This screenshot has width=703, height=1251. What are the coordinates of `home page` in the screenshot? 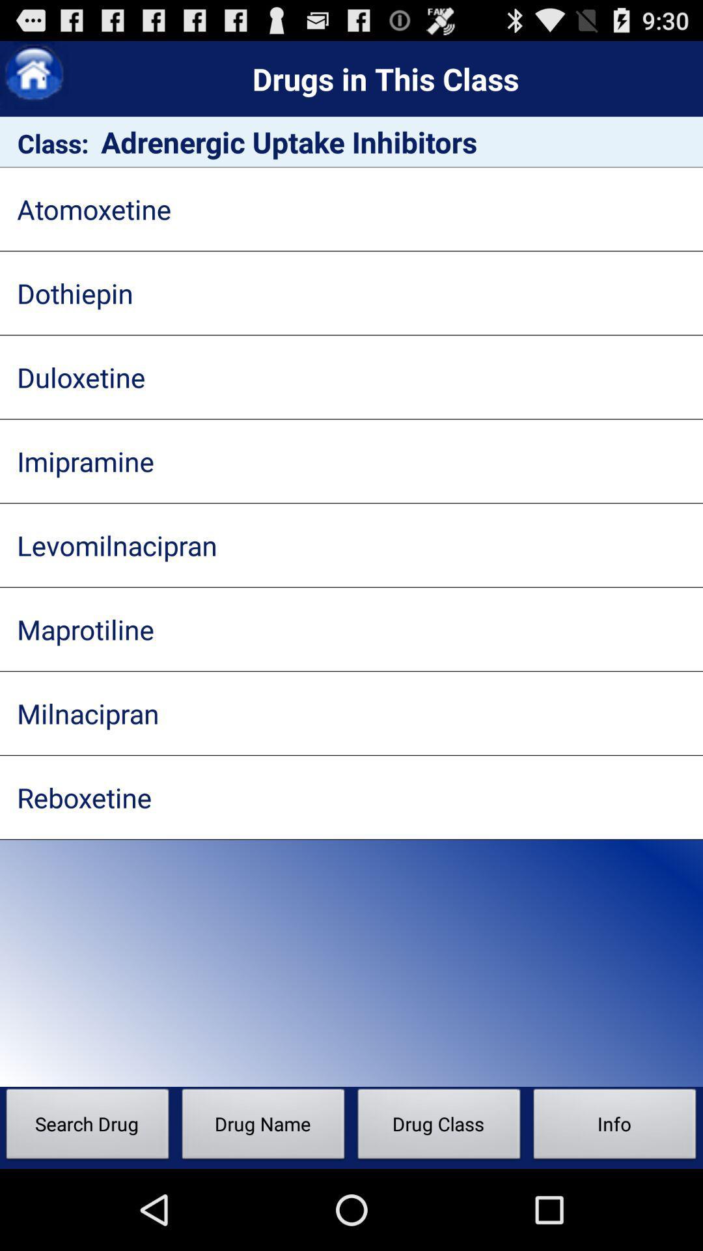 It's located at (33, 74).